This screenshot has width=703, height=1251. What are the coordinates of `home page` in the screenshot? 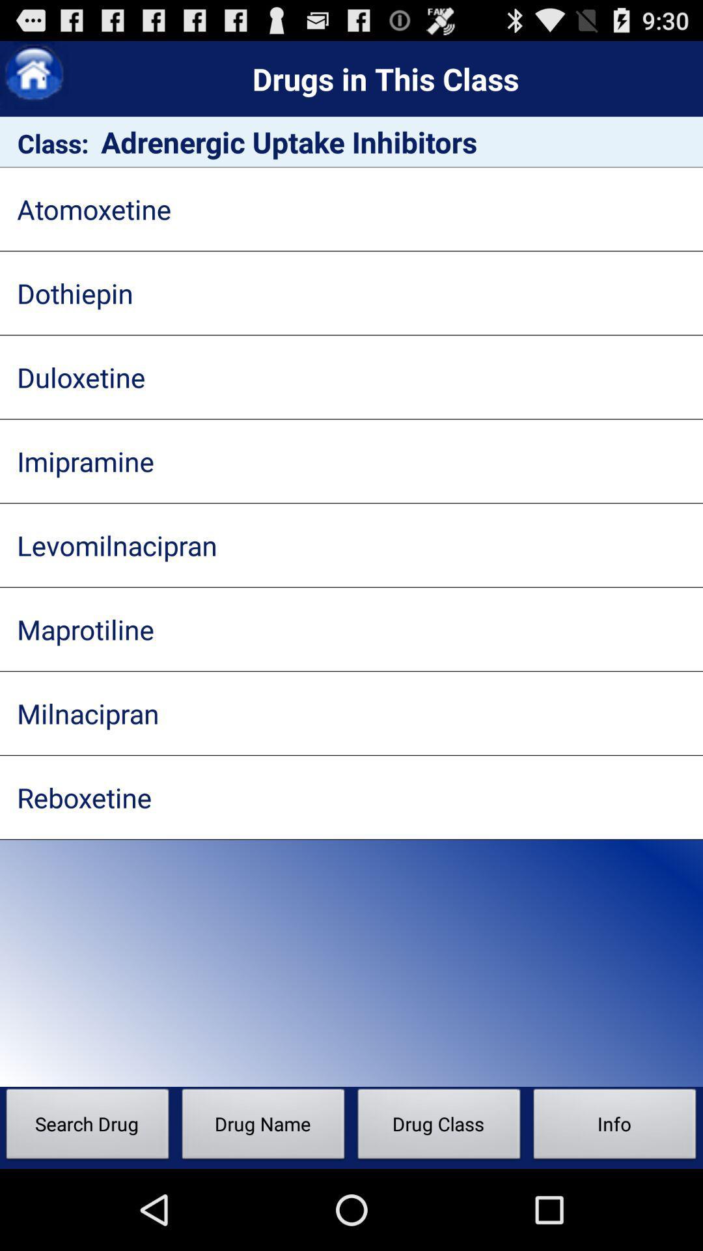 It's located at (33, 74).